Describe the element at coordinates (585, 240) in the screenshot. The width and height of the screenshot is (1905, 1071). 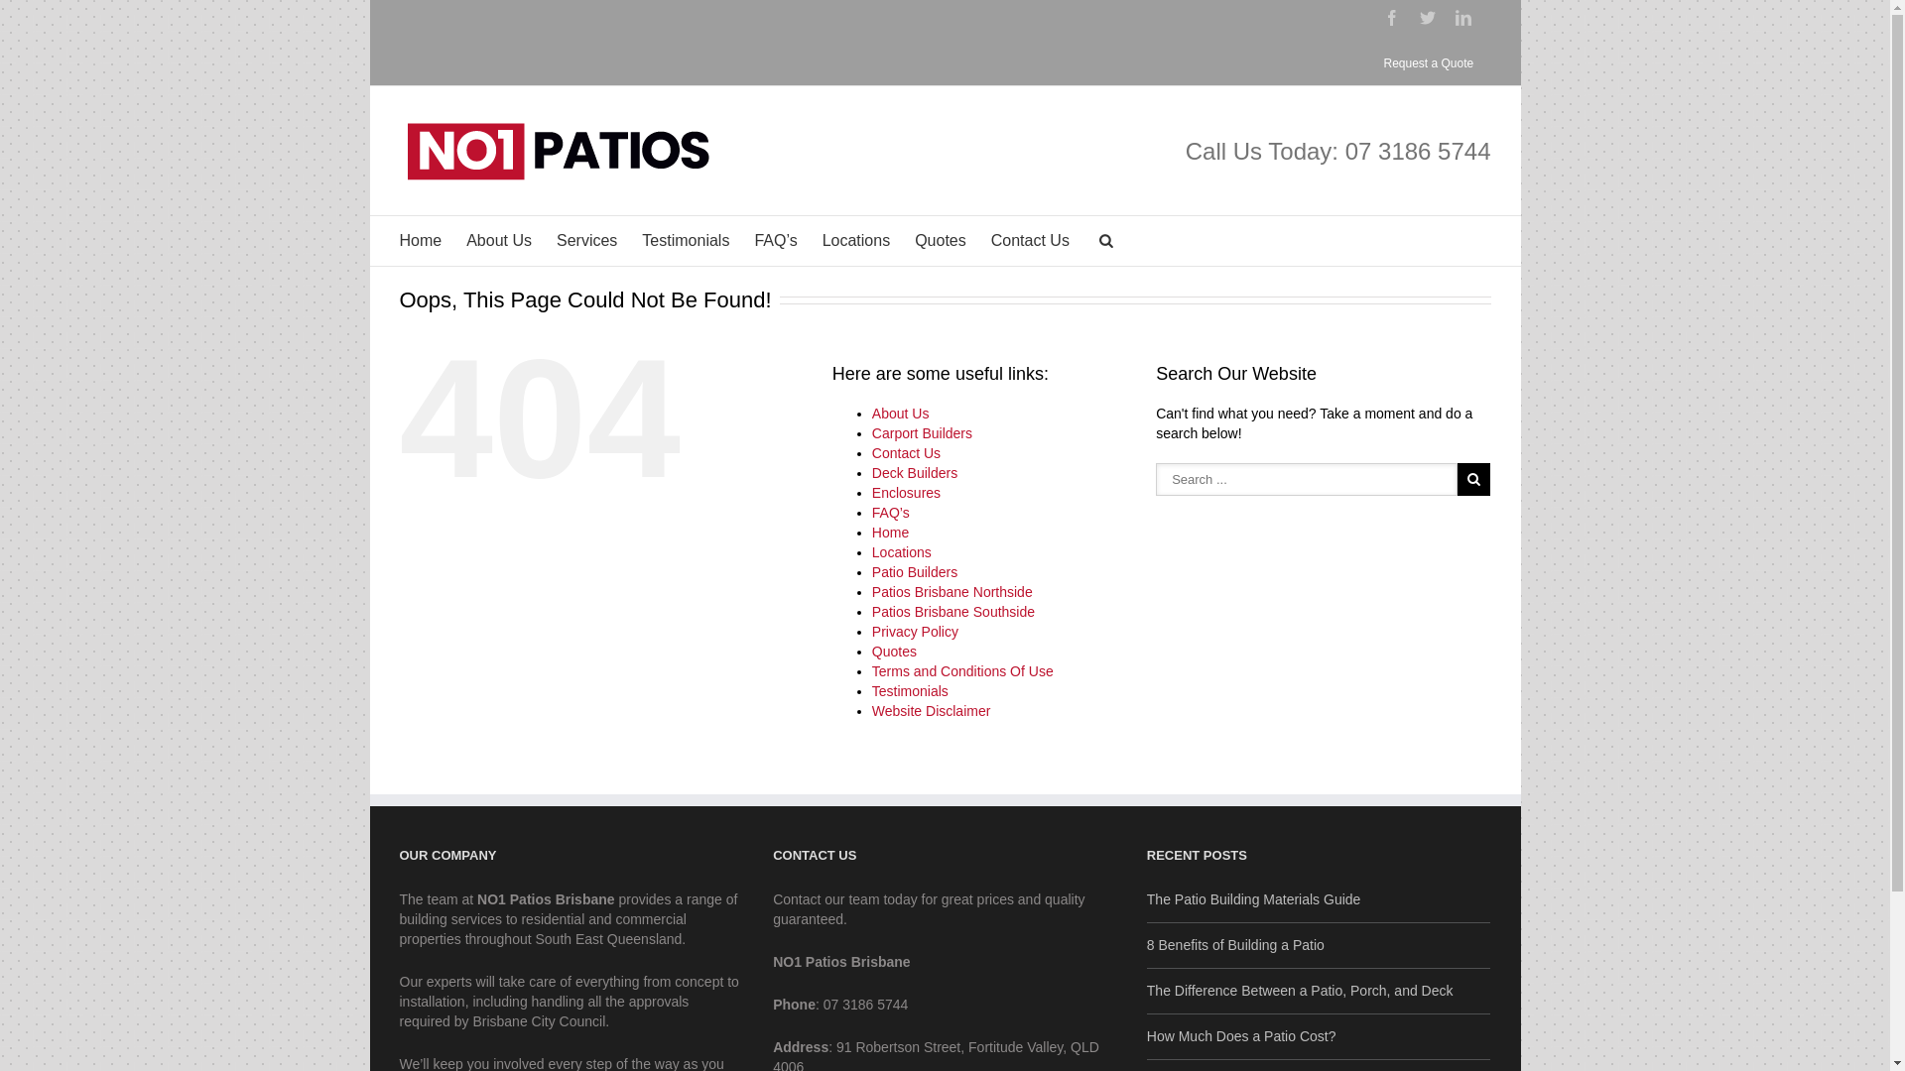
I see `'Services'` at that location.